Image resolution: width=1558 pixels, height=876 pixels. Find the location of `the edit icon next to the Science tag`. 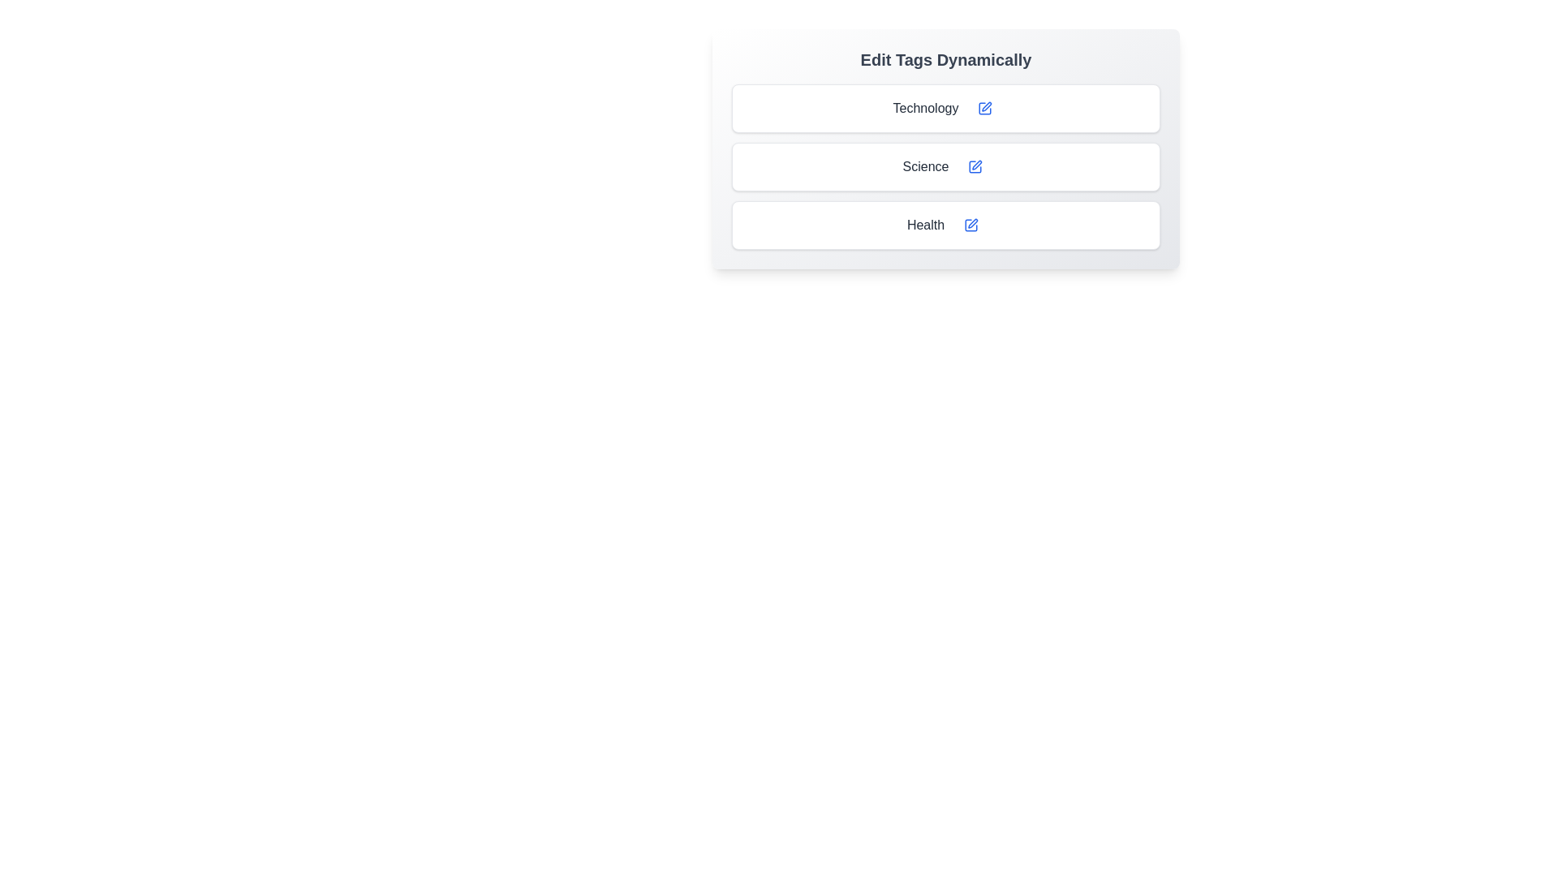

the edit icon next to the Science tag is located at coordinates (975, 166).